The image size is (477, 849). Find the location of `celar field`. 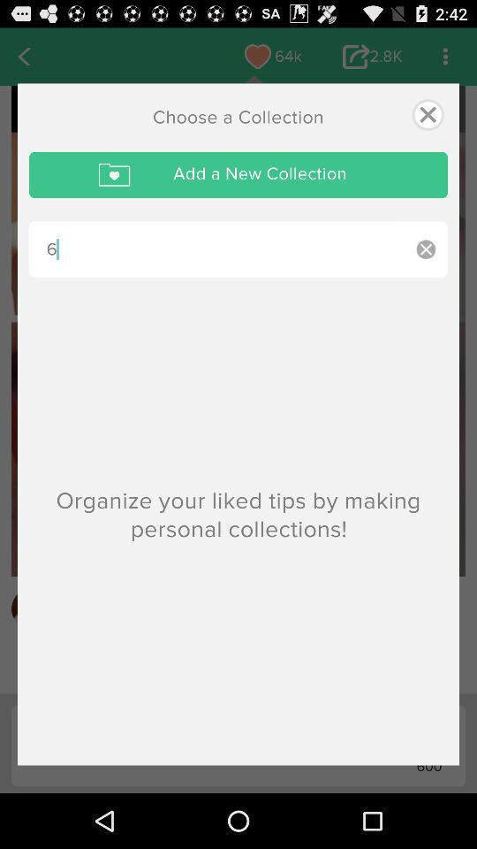

celar field is located at coordinates (425, 249).